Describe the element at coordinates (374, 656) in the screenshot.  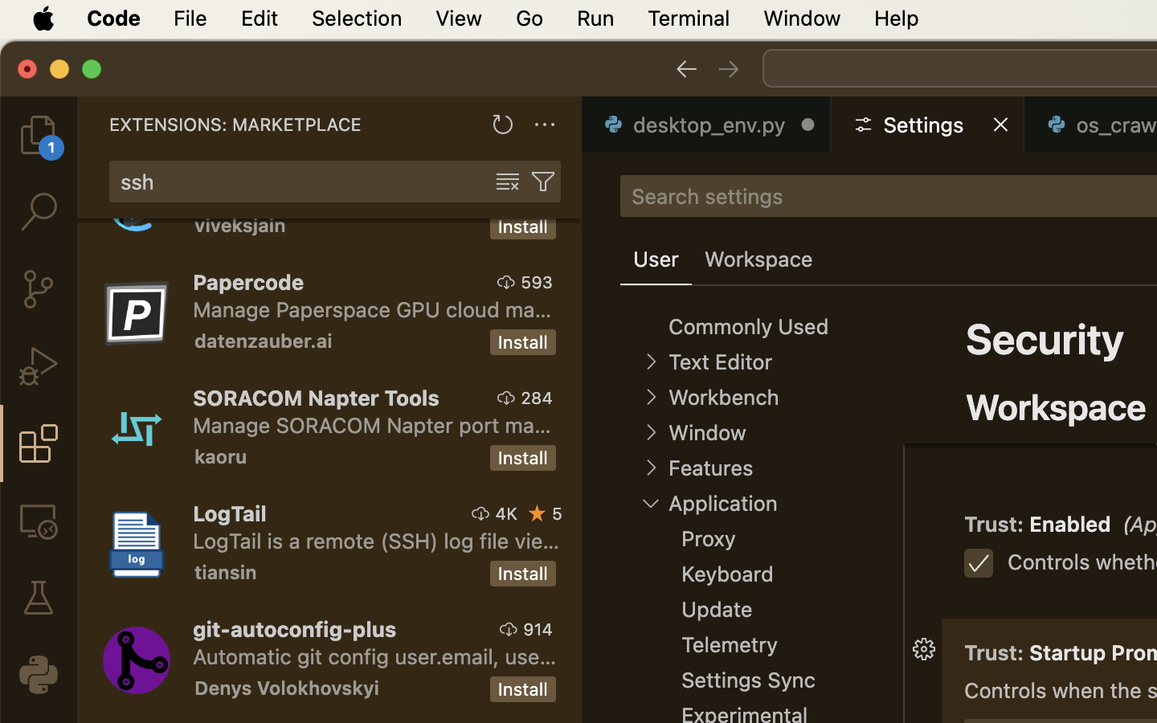
I see `'Automatic git config user.email, user.name, SSH key setting for vscode'` at that location.